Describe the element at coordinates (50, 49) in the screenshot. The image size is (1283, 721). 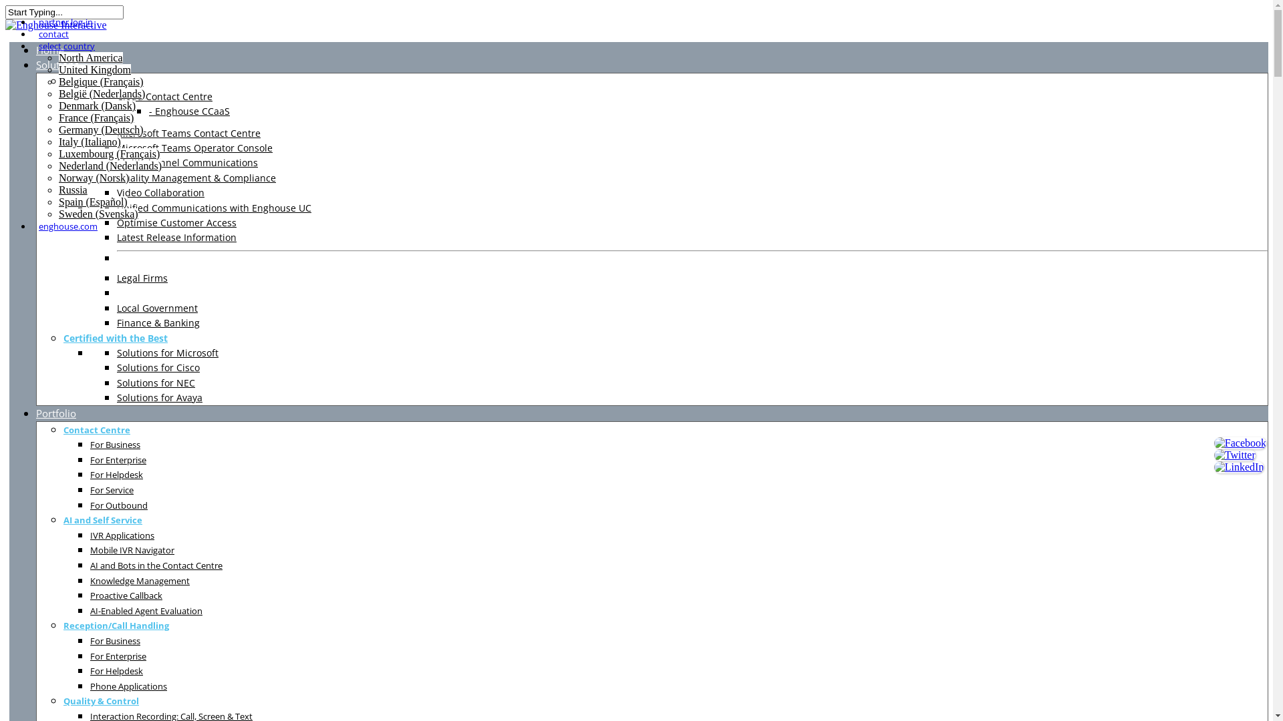
I see `'Home'` at that location.